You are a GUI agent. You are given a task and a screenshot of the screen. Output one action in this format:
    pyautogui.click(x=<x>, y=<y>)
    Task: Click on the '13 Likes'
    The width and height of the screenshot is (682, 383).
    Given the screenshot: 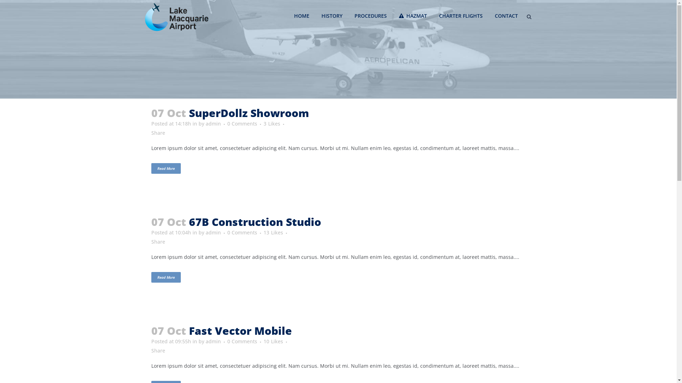 What is the action you would take?
    pyautogui.click(x=273, y=232)
    